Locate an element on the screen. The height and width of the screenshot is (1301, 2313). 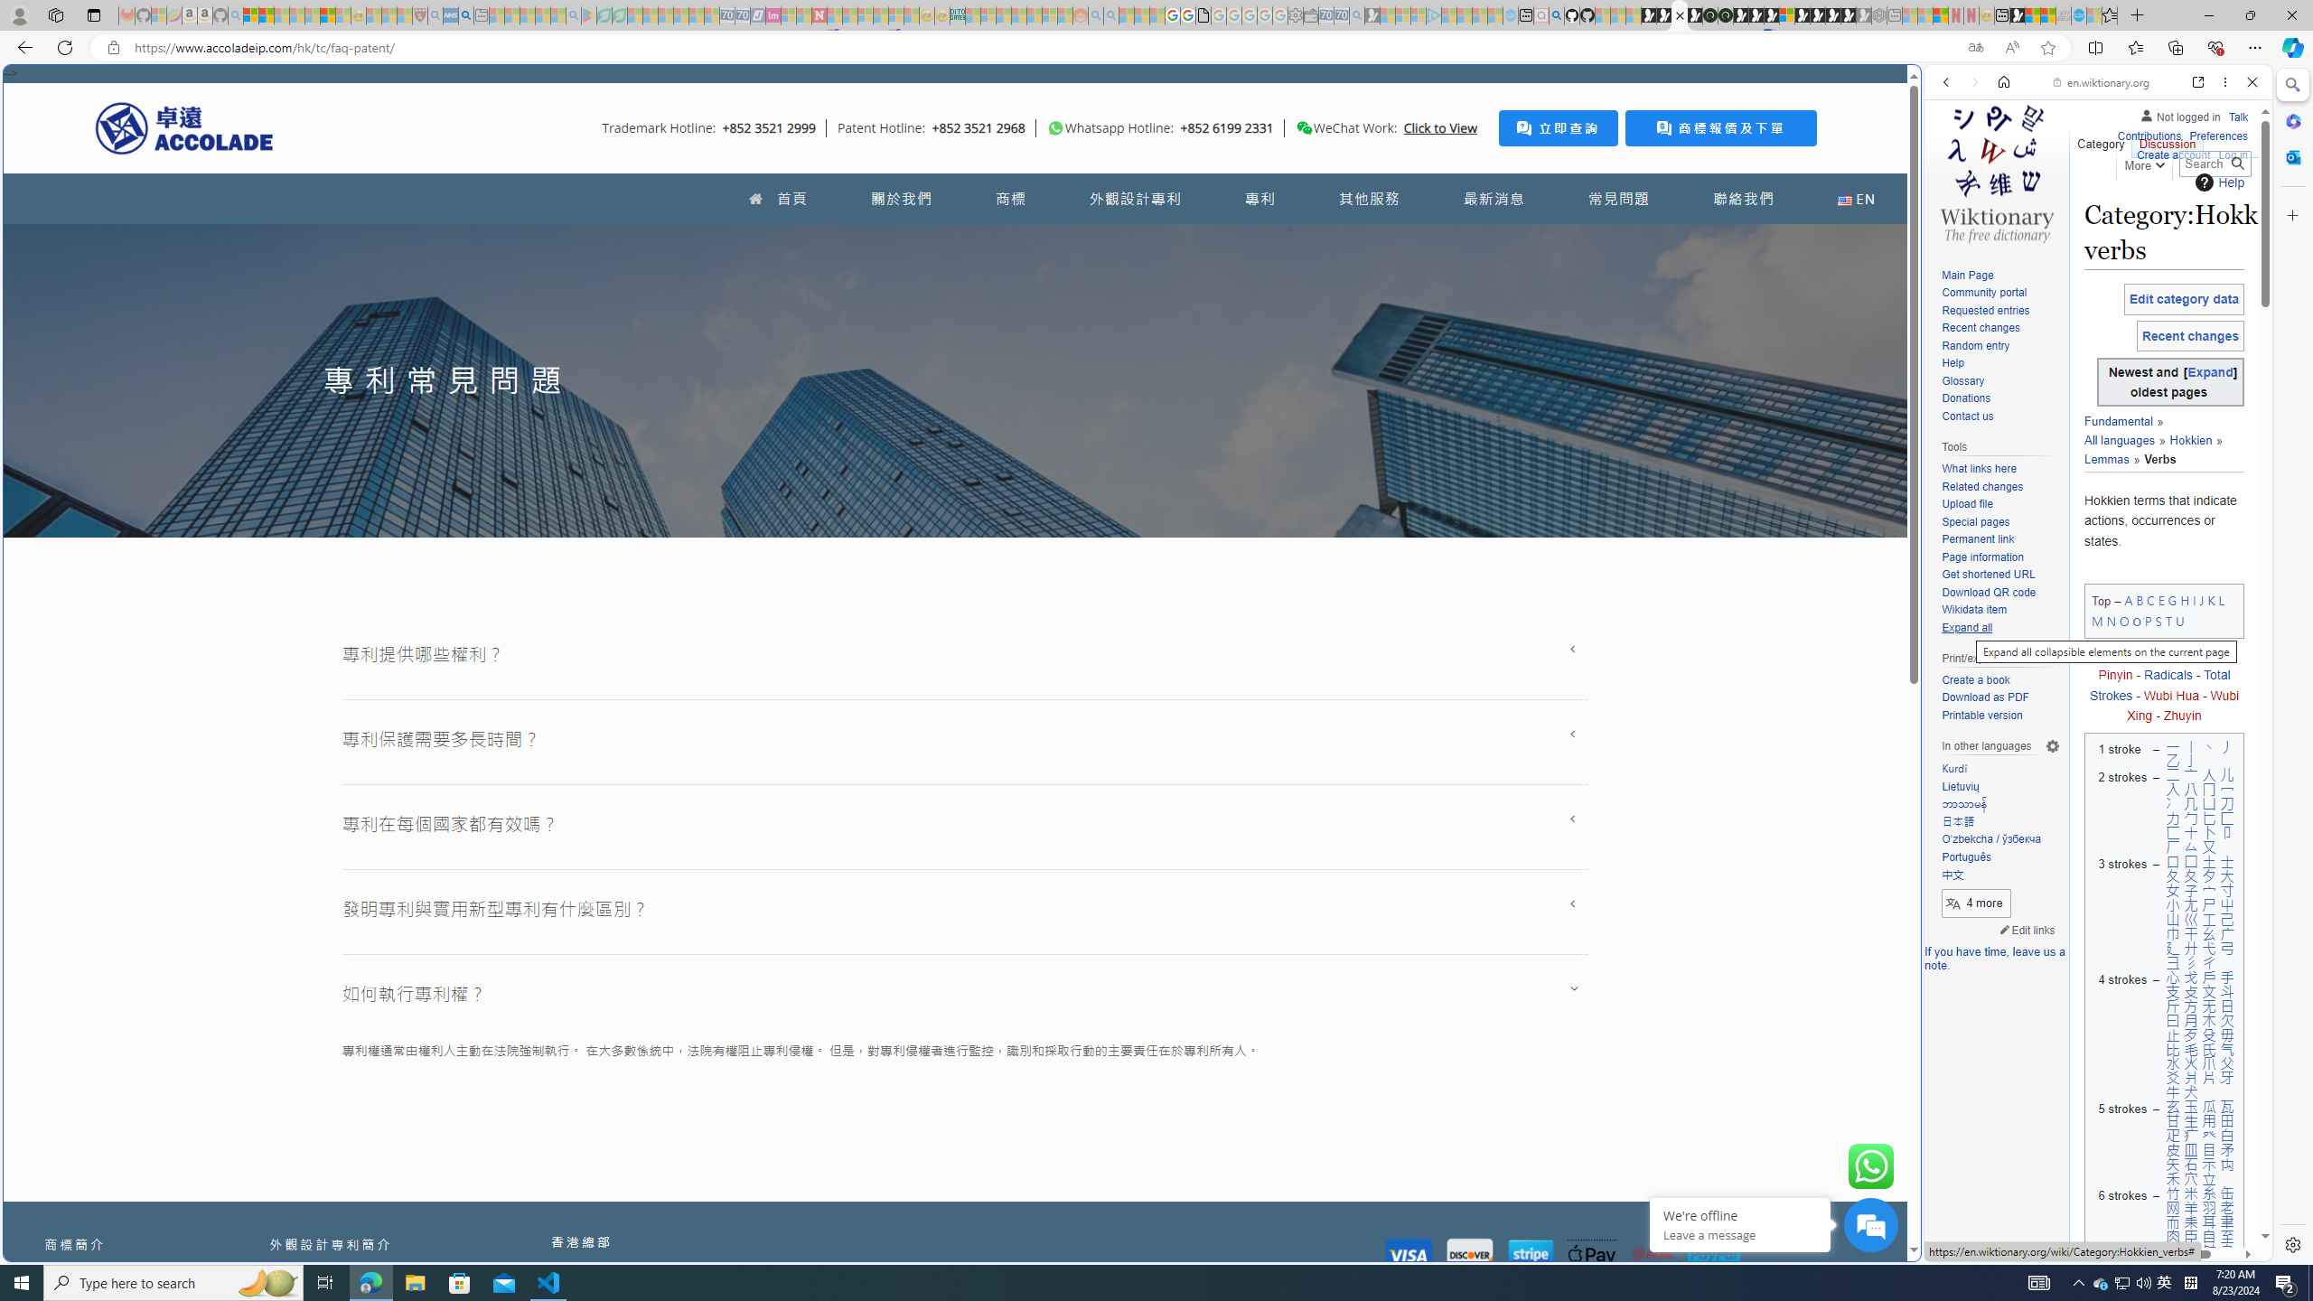
'Main Page' is located at coordinates (1999, 276).